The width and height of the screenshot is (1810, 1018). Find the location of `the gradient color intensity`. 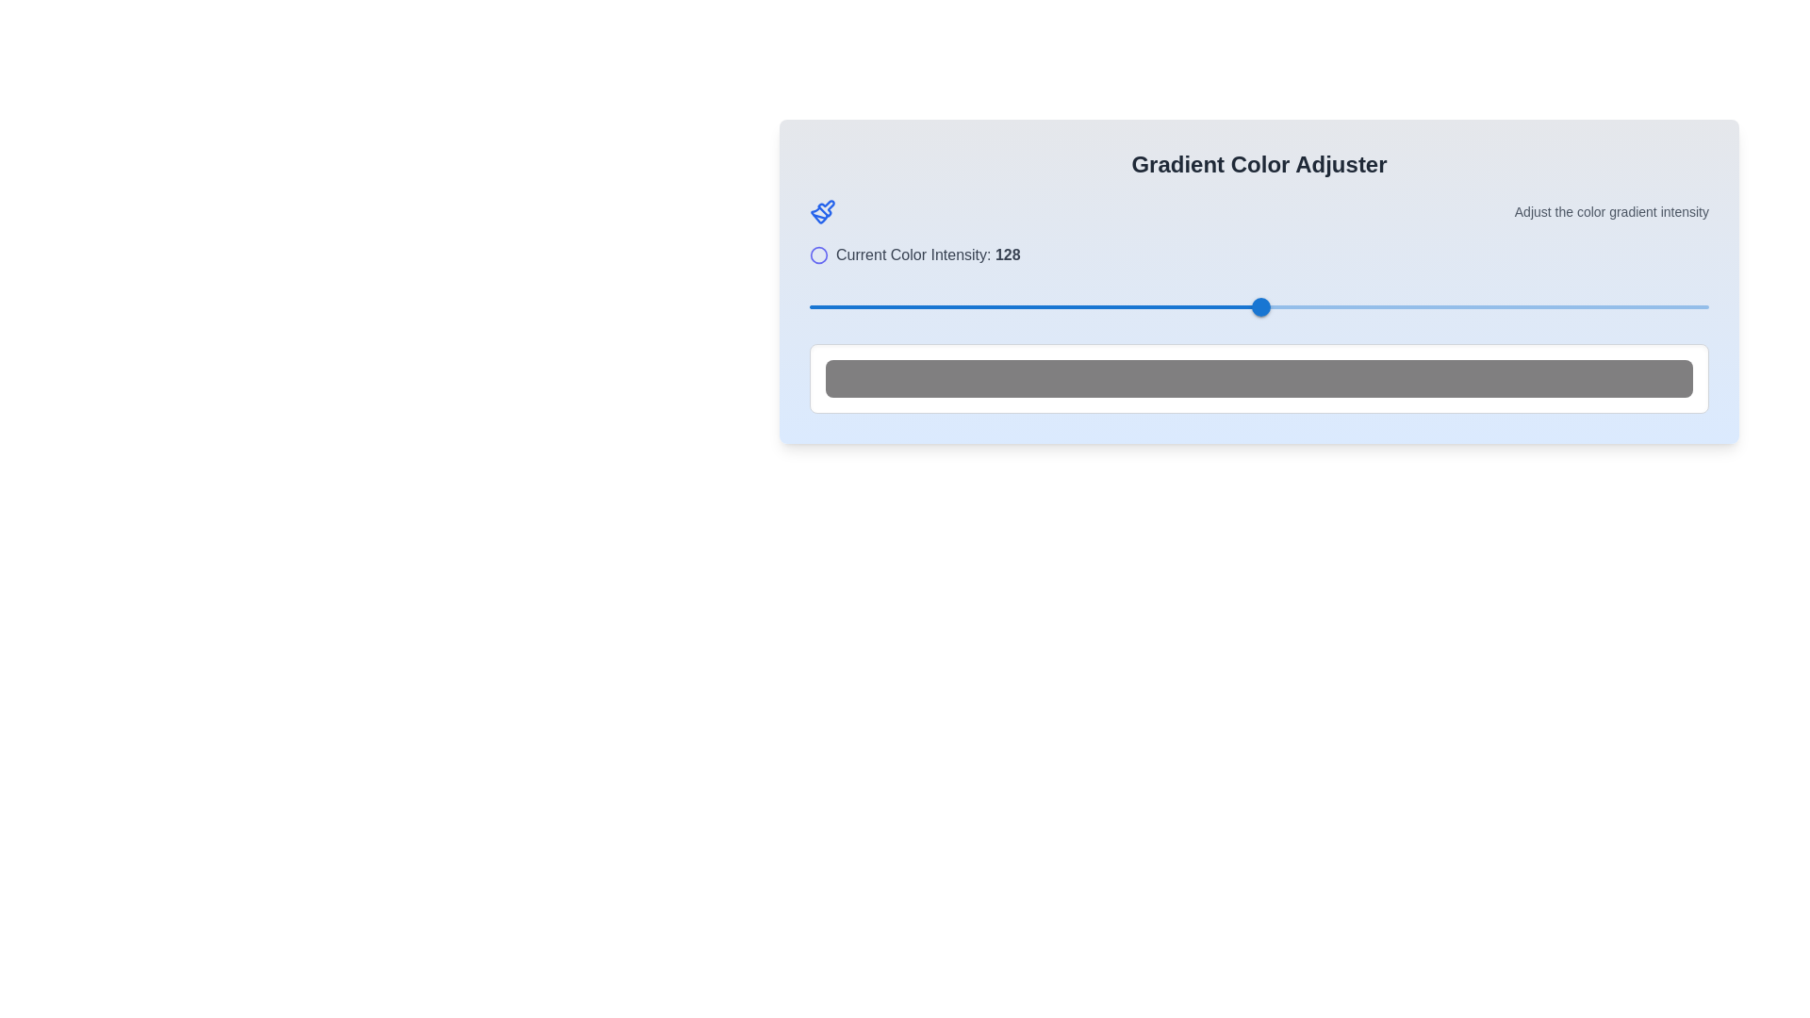

the gradient color intensity is located at coordinates (1027, 306).